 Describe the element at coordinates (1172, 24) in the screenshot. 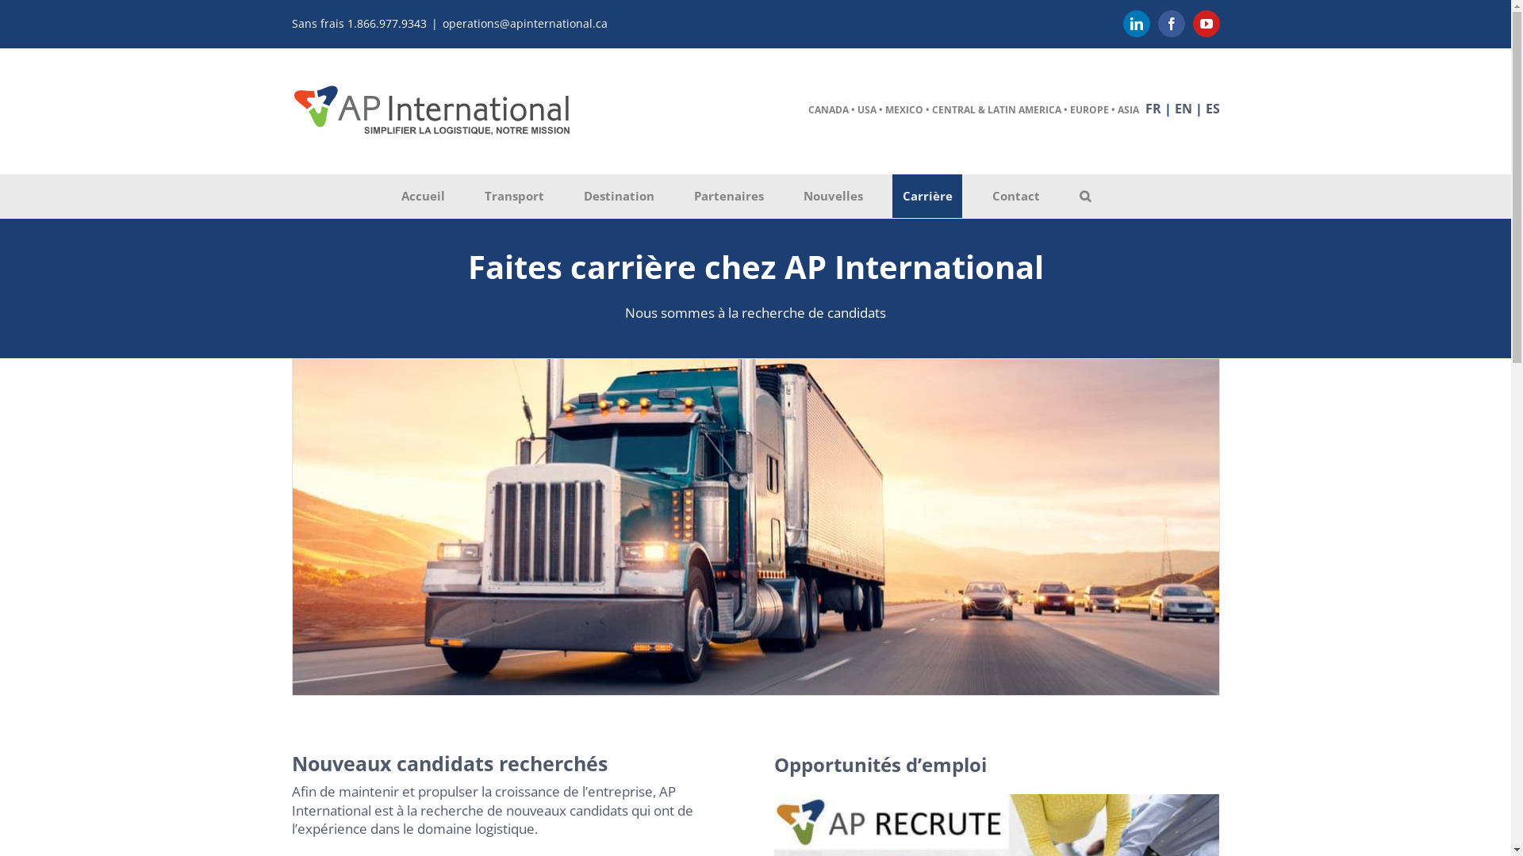

I see `'Facebook'` at that location.